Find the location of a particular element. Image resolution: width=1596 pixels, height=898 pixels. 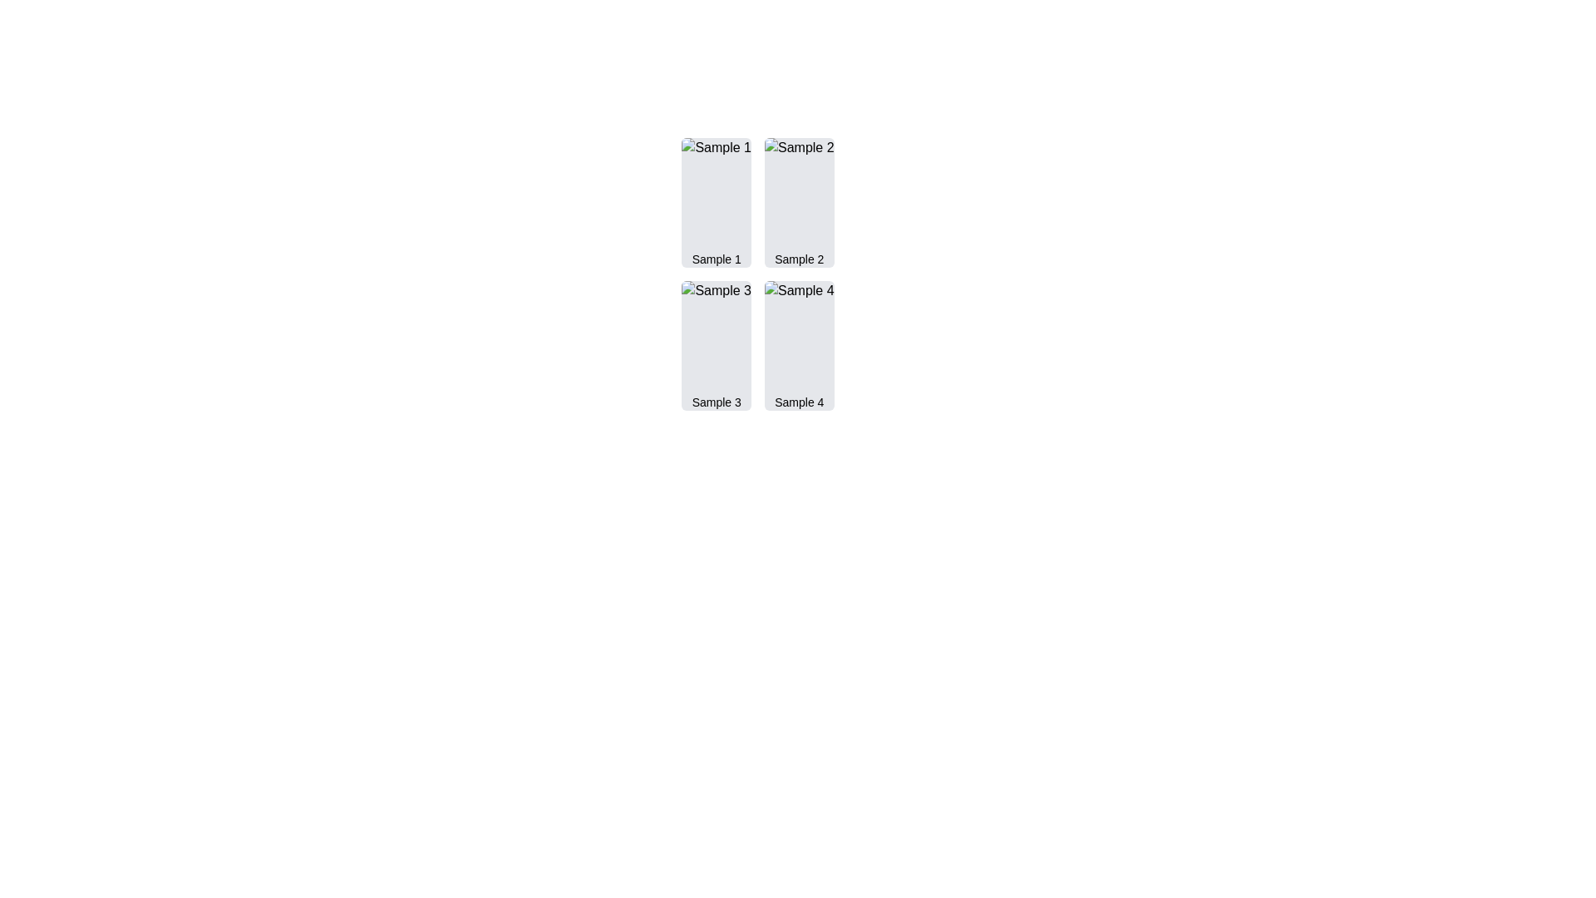

the text label located in the bottom right grid cell of a 2x2 layout, which represents the visual entry below 'Sample 2' and to the right of 'Sample 3' is located at coordinates (799, 402).